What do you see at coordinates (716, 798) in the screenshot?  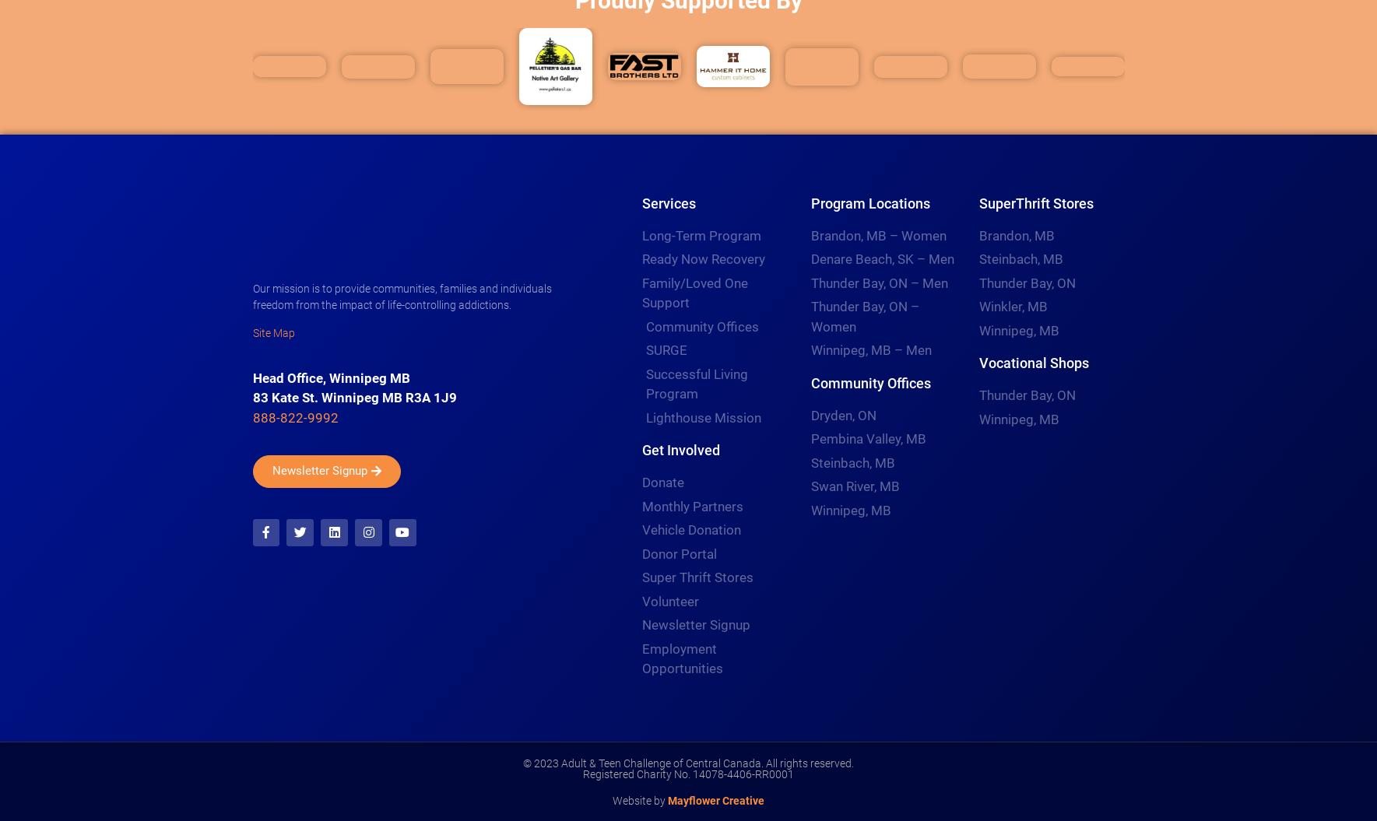 I see `'Mayflower Creative'` at bounding box center [716, 798].